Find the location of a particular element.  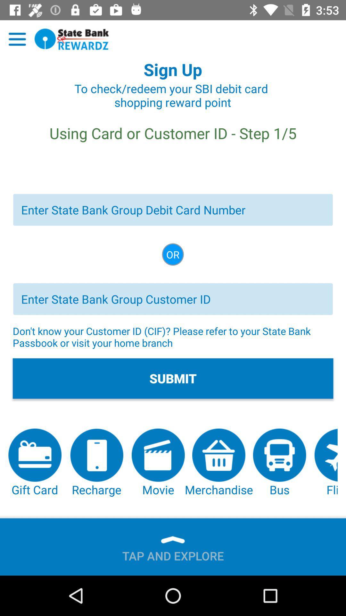

app below the don t know app is located at coordinates (173, 378).